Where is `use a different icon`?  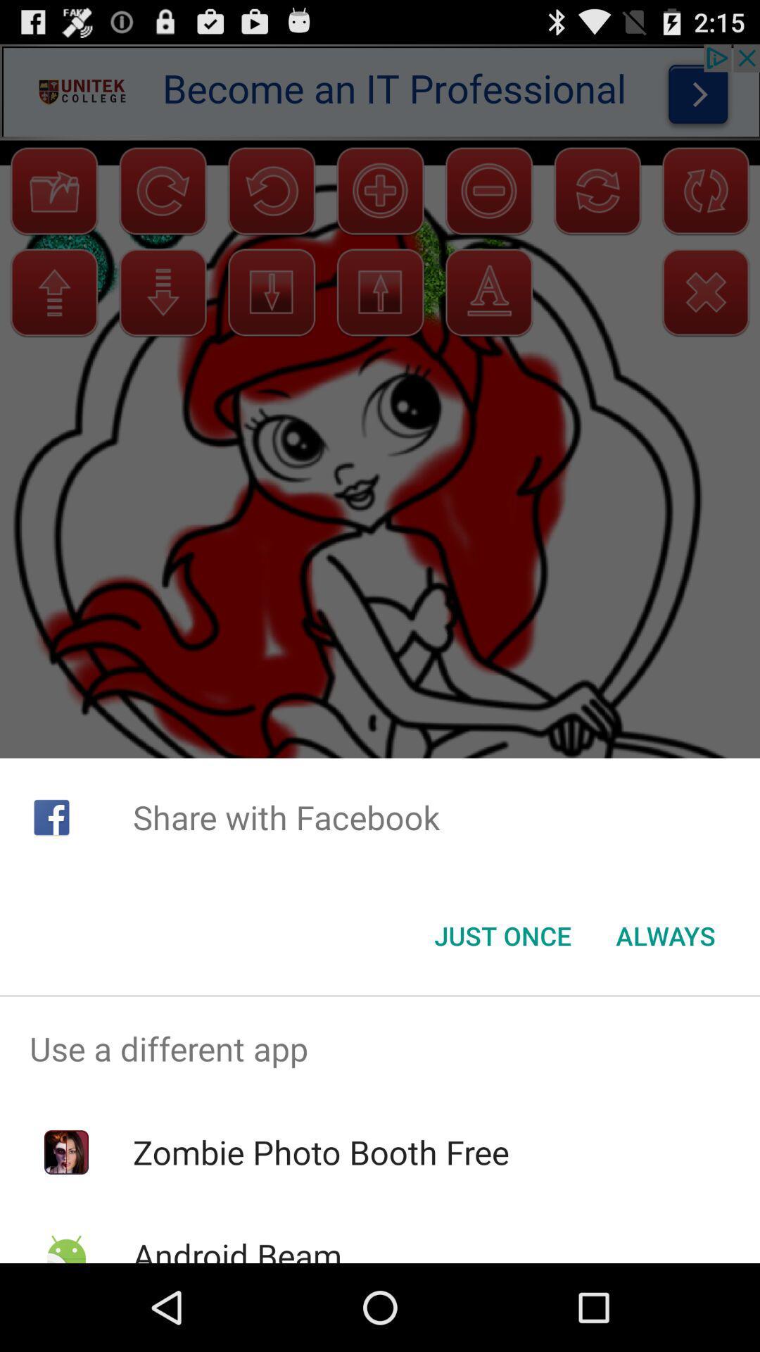 use a different icon is located at coordinates (380, 1049).